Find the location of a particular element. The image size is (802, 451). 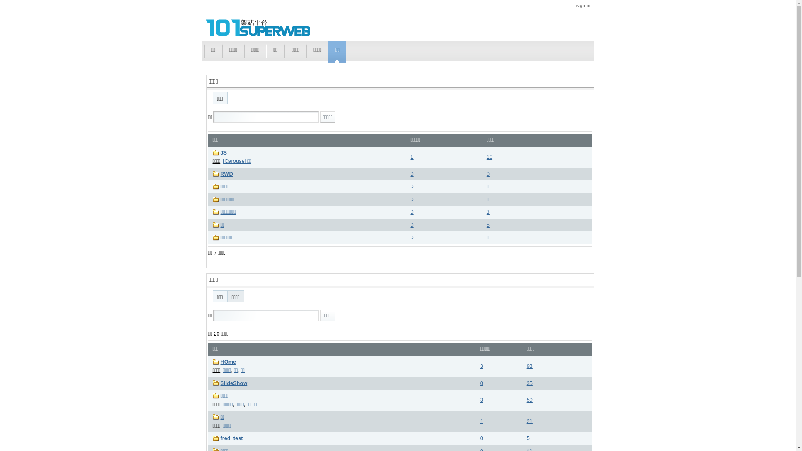

'HOme' is located at coordinates (228, 361).